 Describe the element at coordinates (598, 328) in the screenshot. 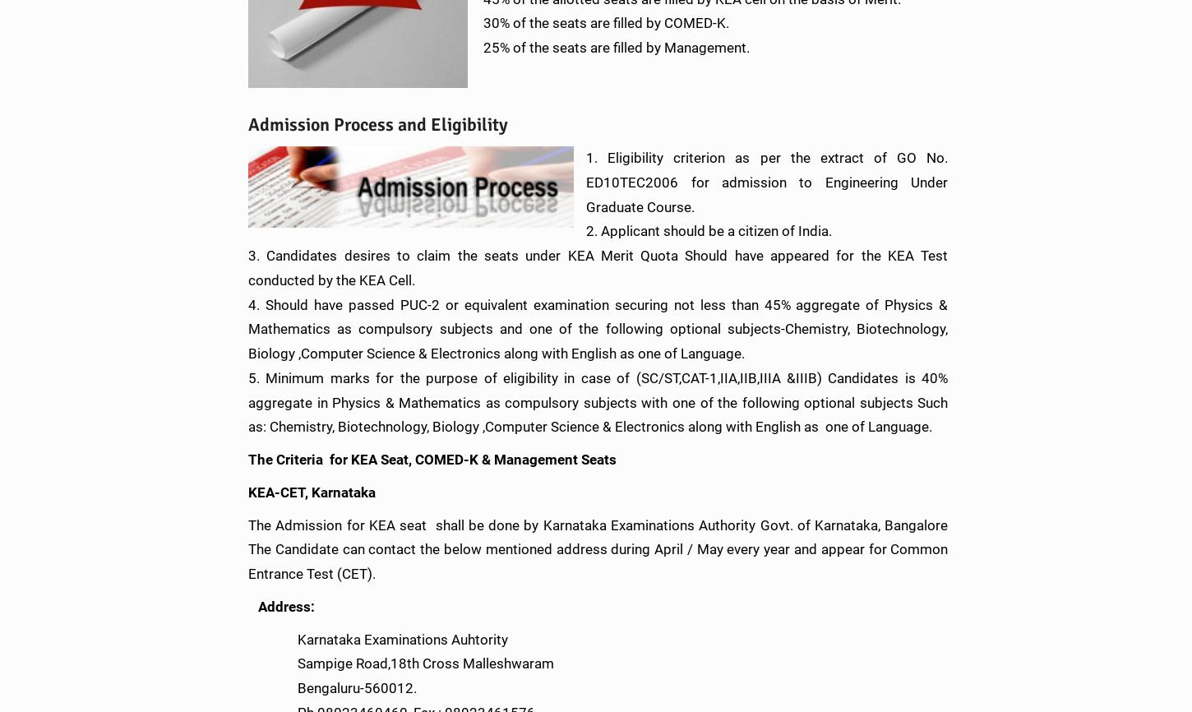

I see `'4. Should have passed PUC-2 or equivalent examination securing not less than 45% aggregate of Physics & Mathematics as compulsory subjects and one of the following optional subjects-Chemistry, Biotechnology, Biology ,Computer Science & Electronics along with English as one of Language.'` at that location.